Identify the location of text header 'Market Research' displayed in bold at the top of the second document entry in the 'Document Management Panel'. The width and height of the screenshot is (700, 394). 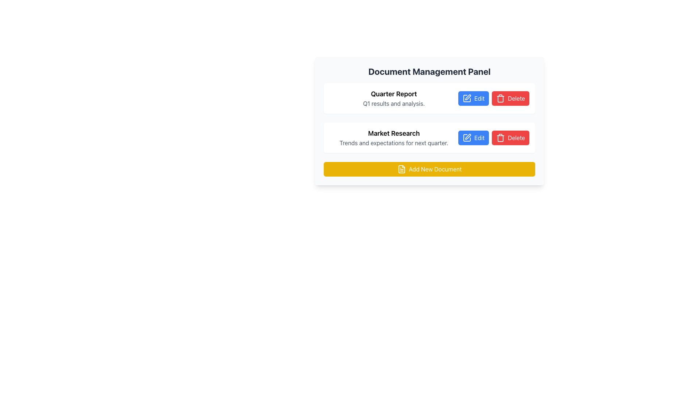
(393, 134).